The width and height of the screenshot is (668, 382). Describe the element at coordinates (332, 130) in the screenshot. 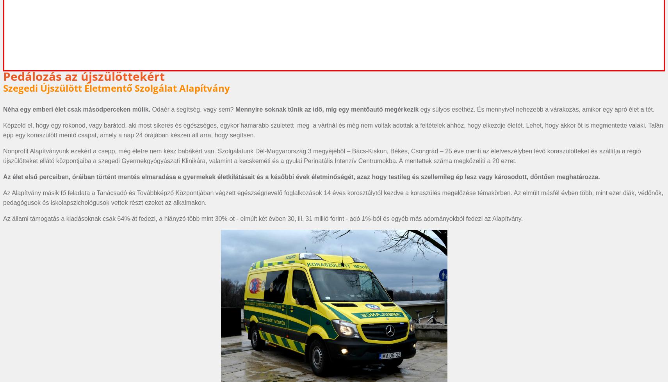

I see `'Képzeld el, hogy egy rokonod, vagy barátod, aki most sikeres és egészséges, egykor hamarabb született  meg  a vártnál és még nem voltak adottak a feltételek ahhoz, hogy elkezdje életét. Lehet, hogy akkor őt is megmentette
 valaki. Talán épp egy koraszülött mentő csapat, amely a nap 24 órájában készen áll arra, hogy segítsen.'` at that location.